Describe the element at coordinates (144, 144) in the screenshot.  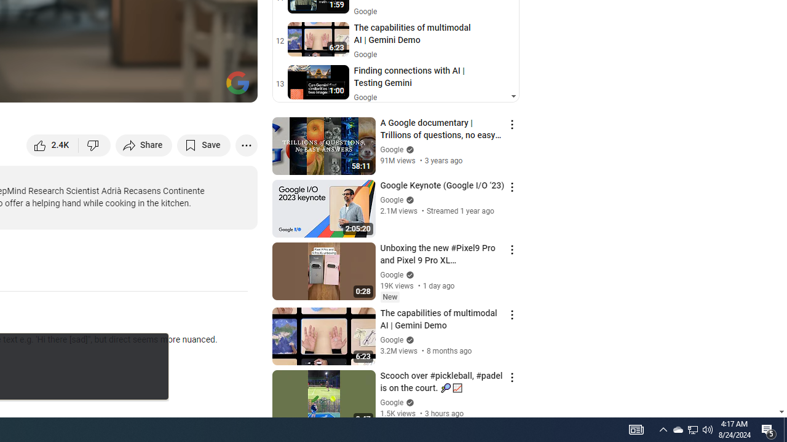
I see `'Share'` at that location.